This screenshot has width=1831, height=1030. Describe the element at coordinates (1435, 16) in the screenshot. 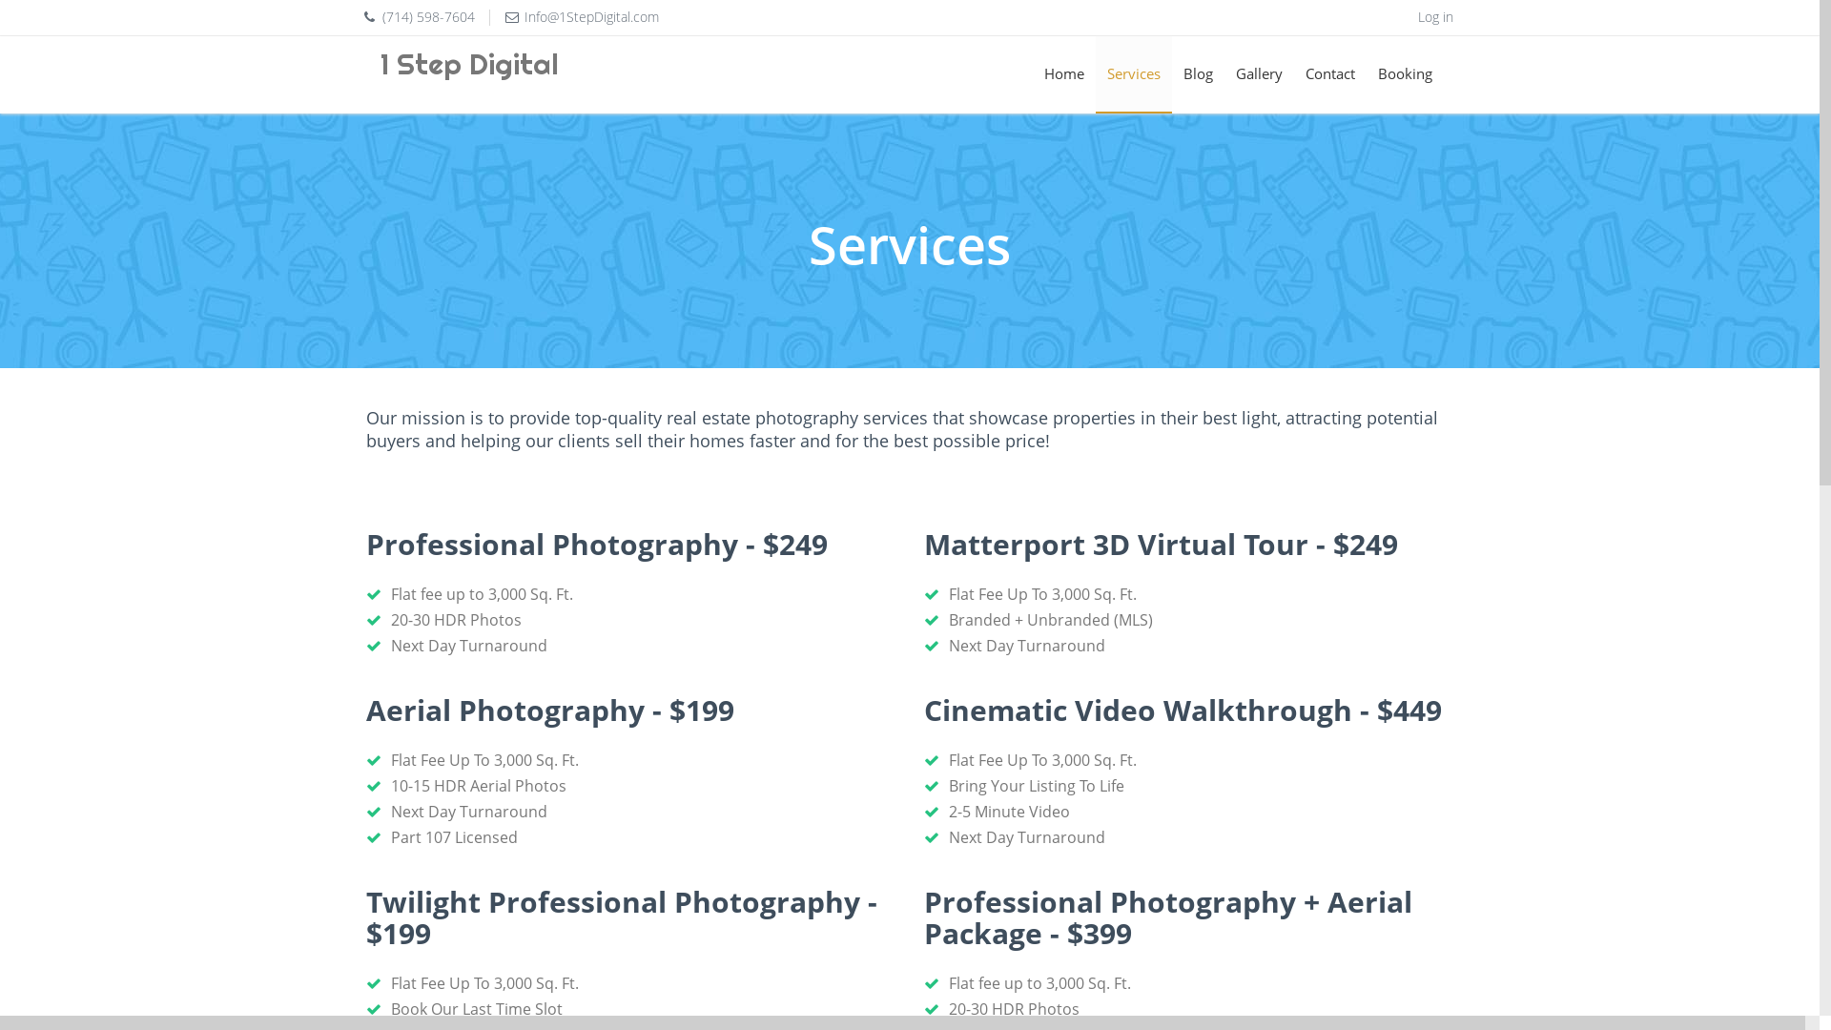

I see `'Log in'` at that location.